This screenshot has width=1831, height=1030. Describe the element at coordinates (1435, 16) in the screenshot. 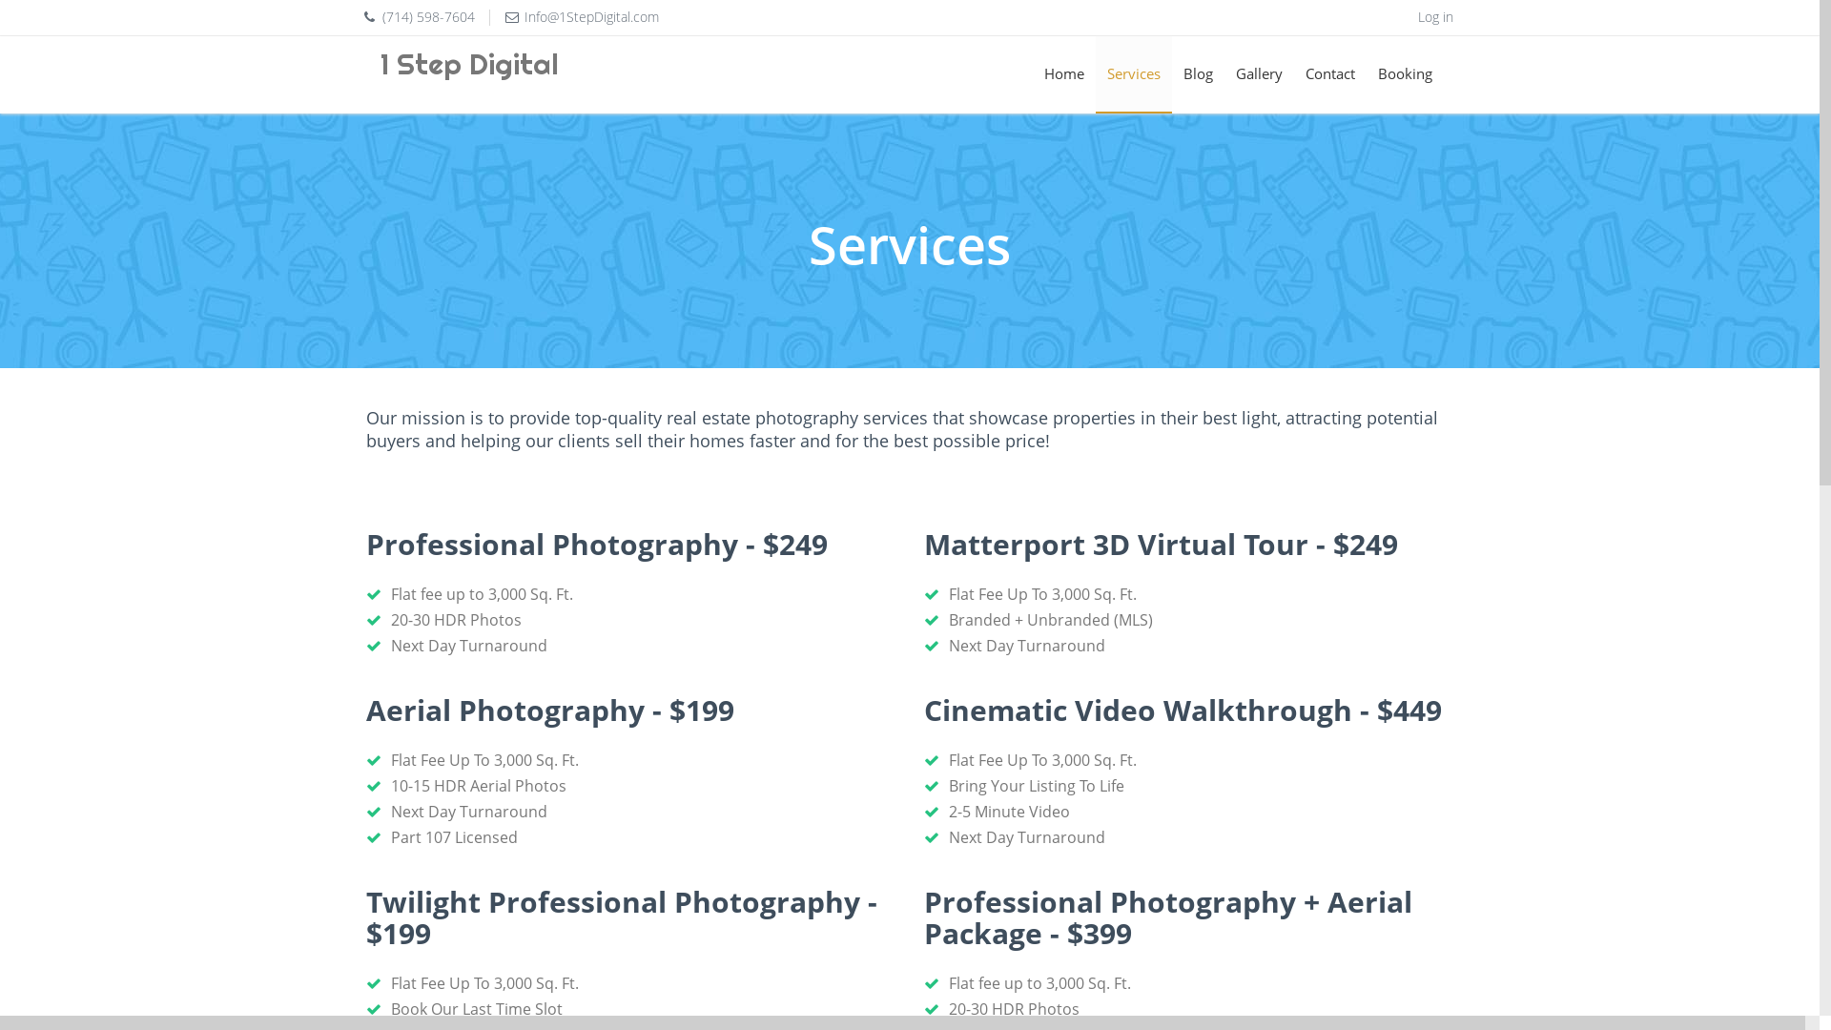

I see `'Log in'` at that location.